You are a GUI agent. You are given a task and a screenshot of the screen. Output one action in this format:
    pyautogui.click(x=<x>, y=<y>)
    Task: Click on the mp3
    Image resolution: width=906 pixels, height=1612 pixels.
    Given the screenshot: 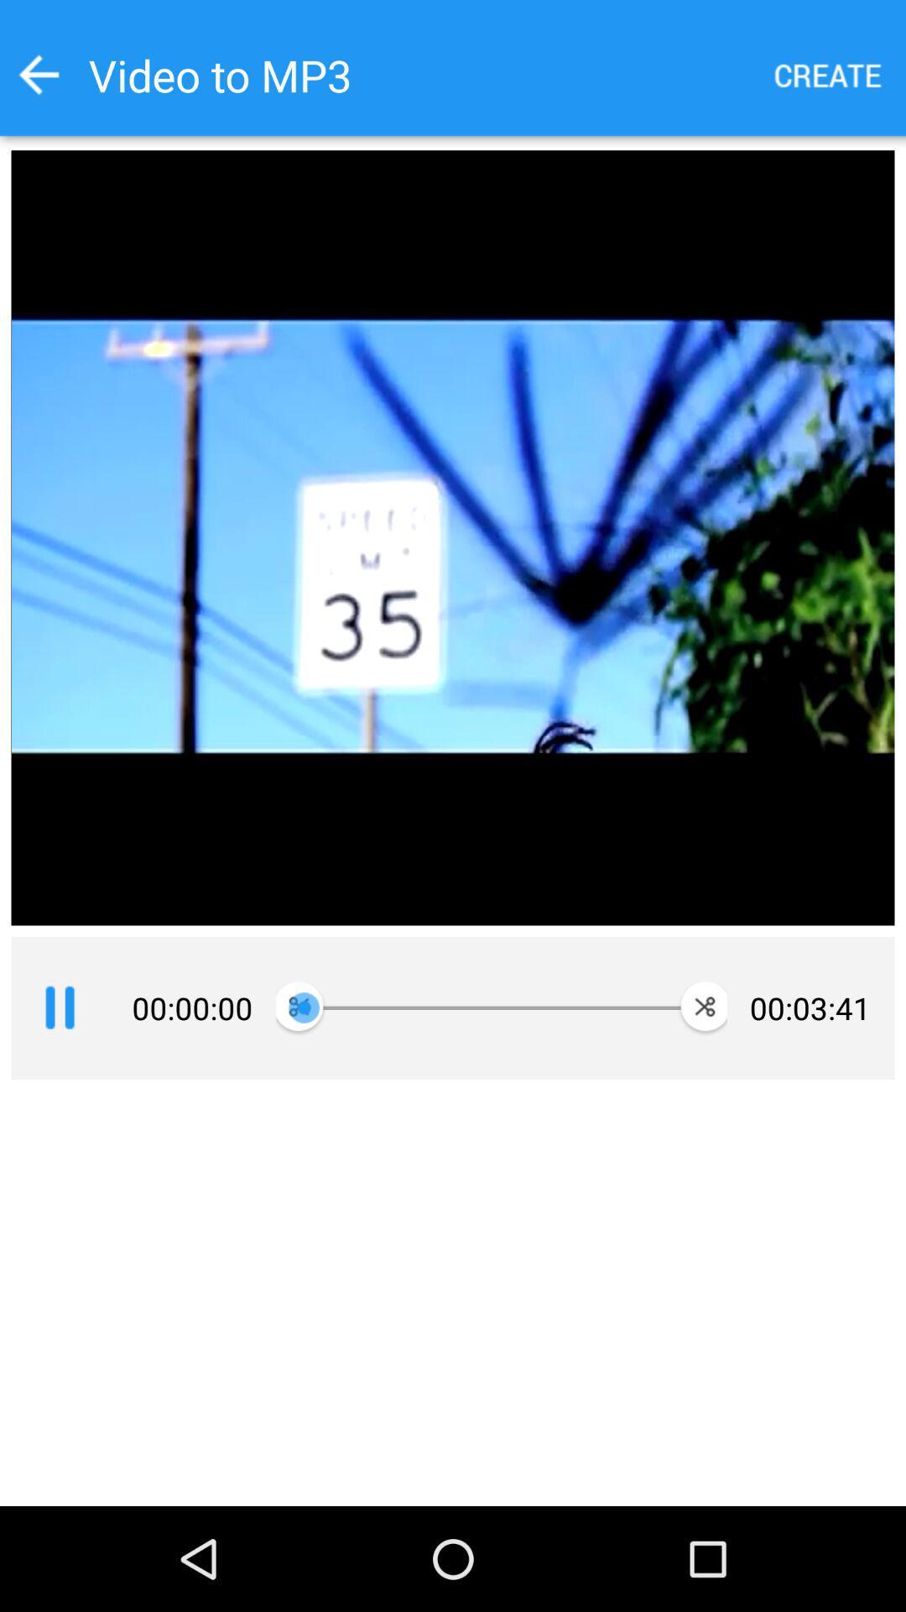 What is the action you would take?
    pyautogui.click(x=828, y=74)
    